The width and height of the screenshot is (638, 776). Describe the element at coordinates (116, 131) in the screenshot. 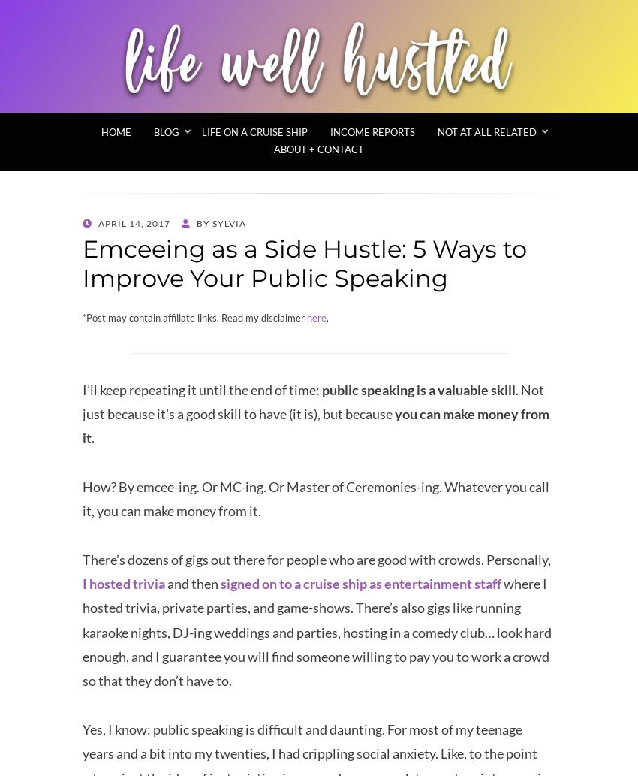

I see `'Home'` at that location.